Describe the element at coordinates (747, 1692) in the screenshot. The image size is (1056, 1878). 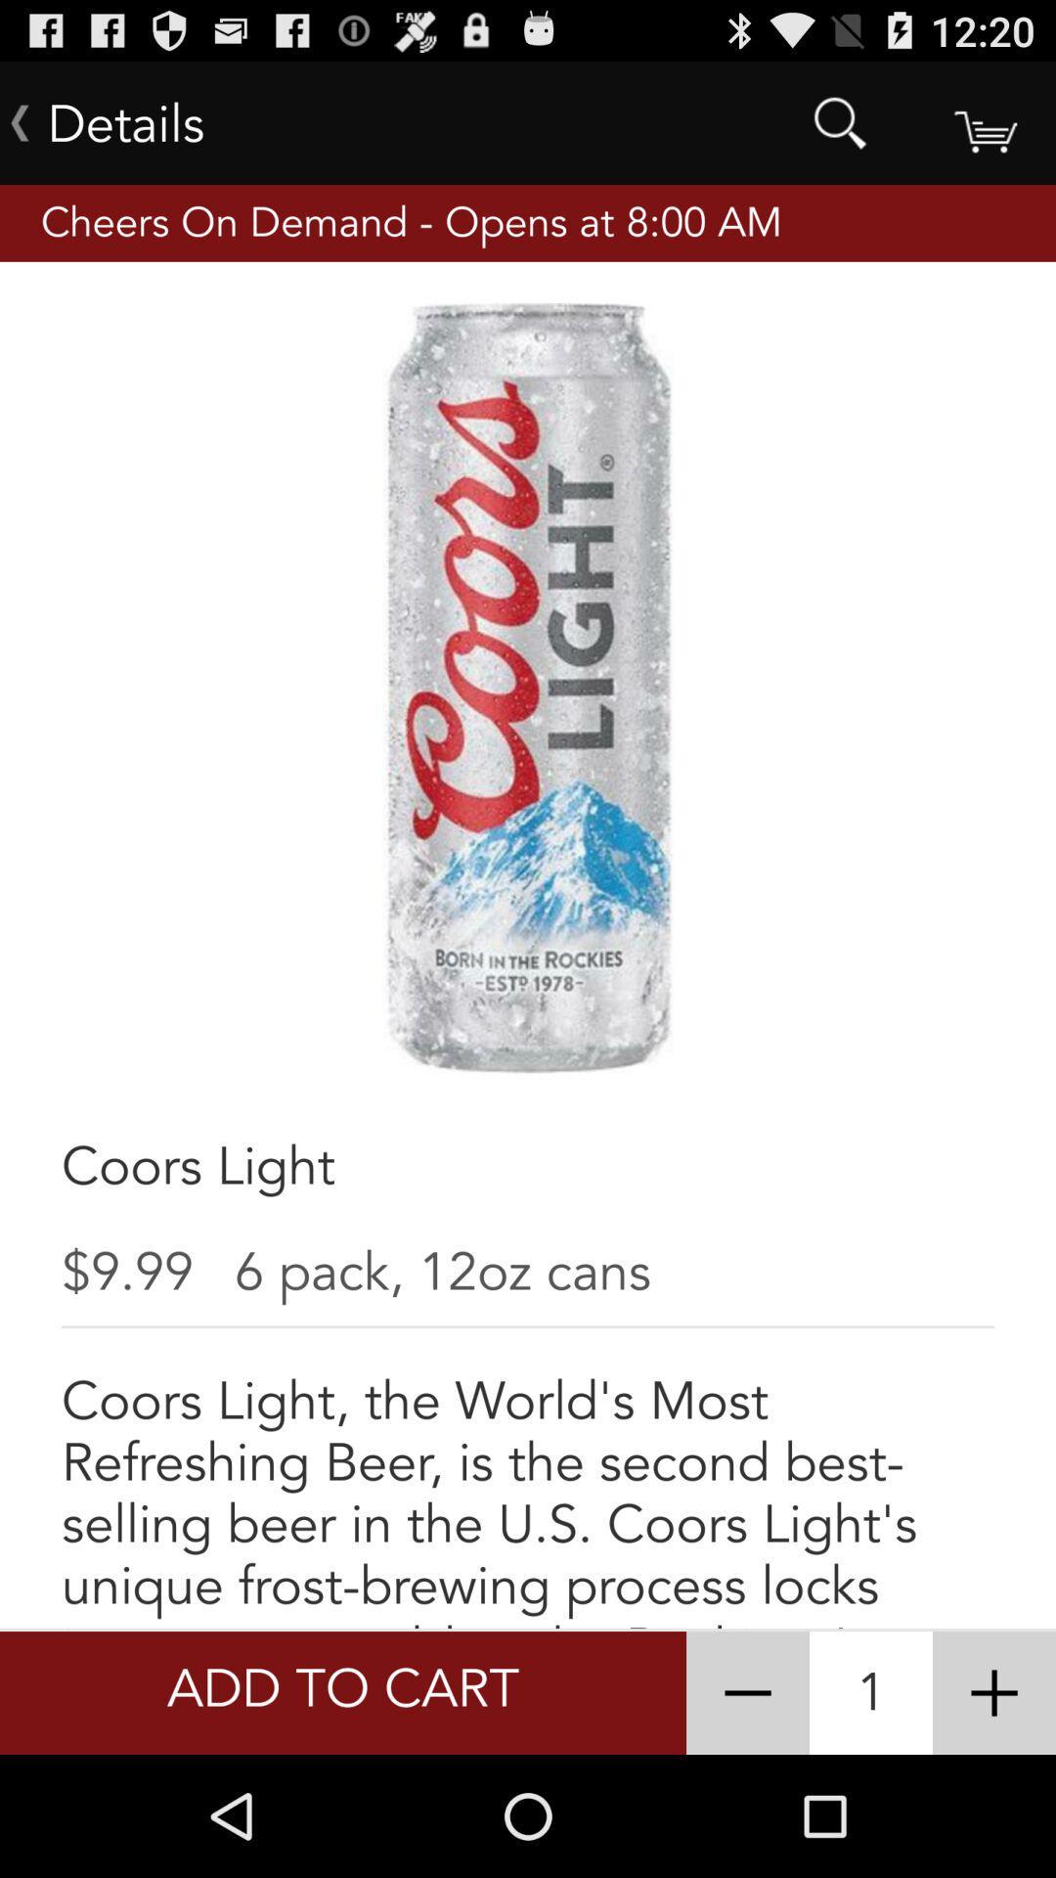
I see `item to the left of the 1 item` at that location.